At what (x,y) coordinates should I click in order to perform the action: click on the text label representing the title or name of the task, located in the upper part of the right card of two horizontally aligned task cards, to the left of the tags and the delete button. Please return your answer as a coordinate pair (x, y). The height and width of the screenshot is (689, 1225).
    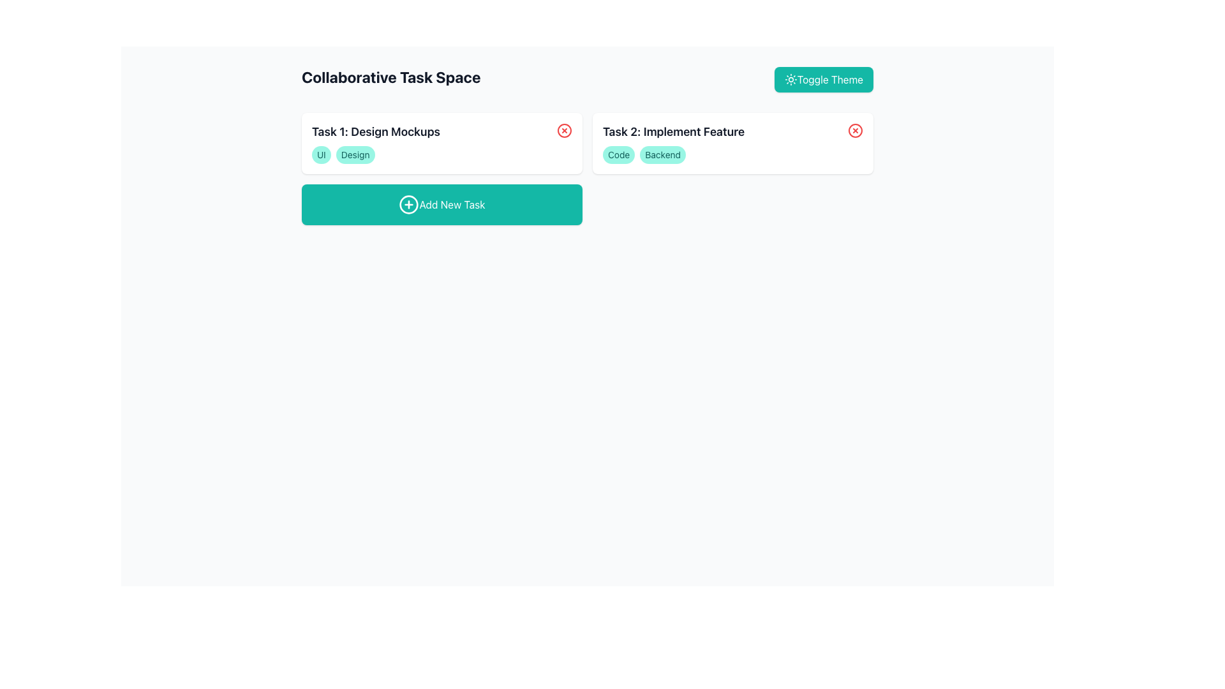
    Looking at the image, I should click on (673, 132).